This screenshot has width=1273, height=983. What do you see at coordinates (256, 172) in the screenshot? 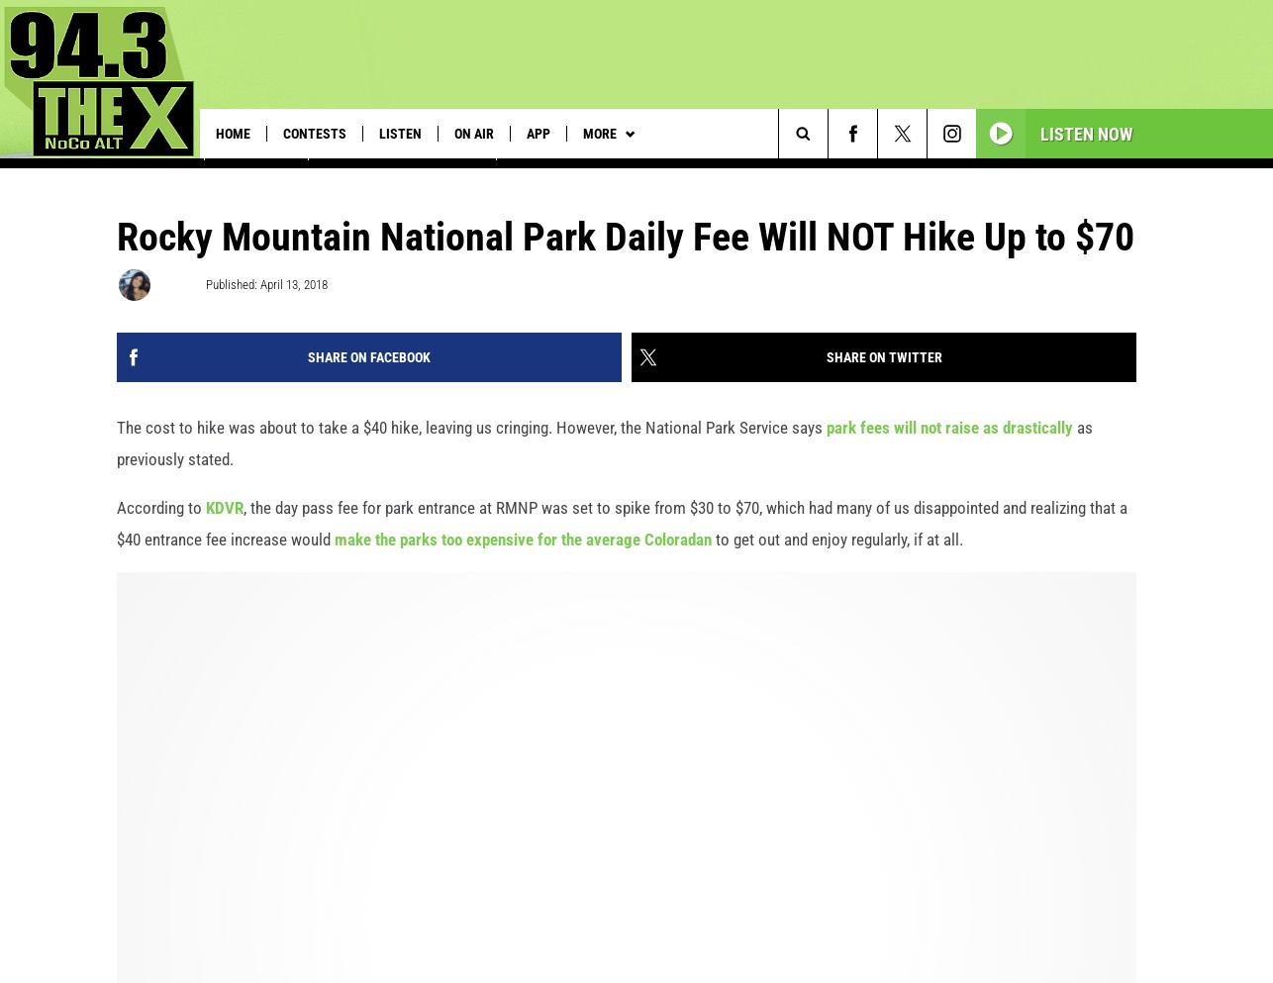
I see `'Food+Drink'` at bounding box center [256, 172].